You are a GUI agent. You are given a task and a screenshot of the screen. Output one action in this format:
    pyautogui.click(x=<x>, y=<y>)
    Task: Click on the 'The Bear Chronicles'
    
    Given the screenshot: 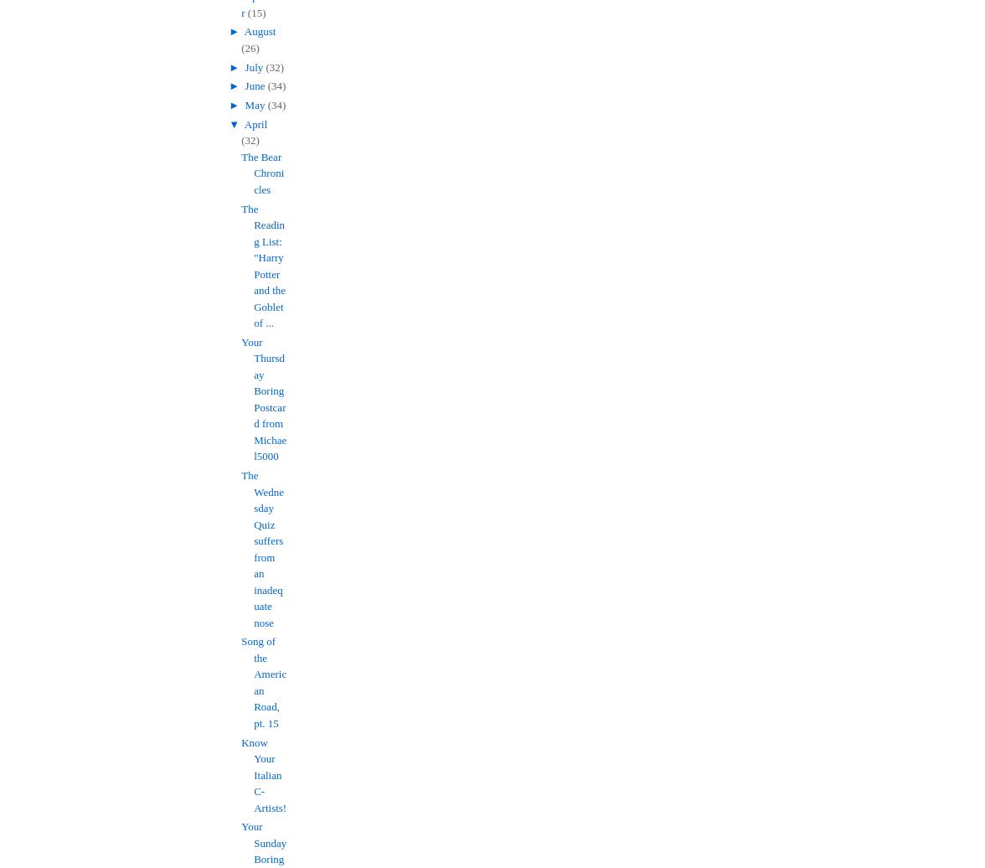 What is the action you would take?
    pyautogui.click(x=262, y=172)
    